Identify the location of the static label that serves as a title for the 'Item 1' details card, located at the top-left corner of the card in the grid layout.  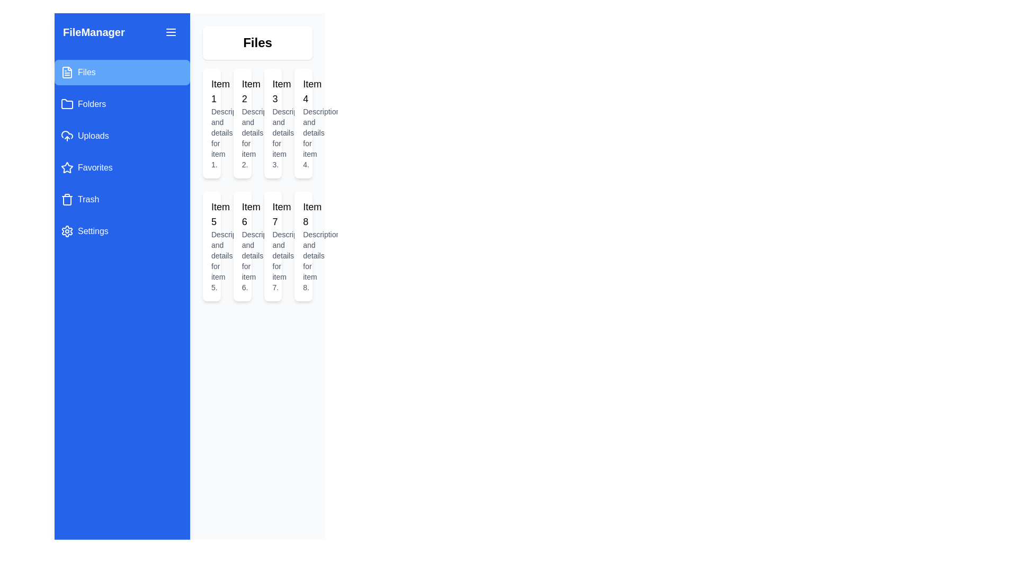
(211, 91).